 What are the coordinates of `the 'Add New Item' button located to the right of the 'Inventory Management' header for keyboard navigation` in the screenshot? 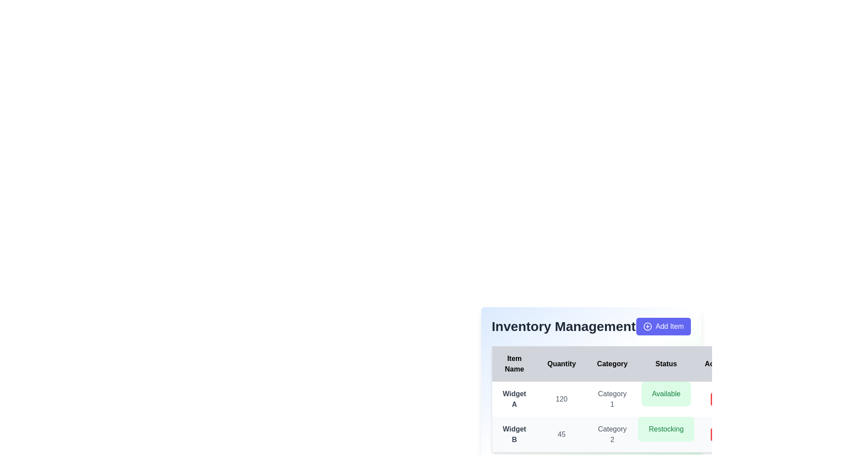 It's located at (664, 326).